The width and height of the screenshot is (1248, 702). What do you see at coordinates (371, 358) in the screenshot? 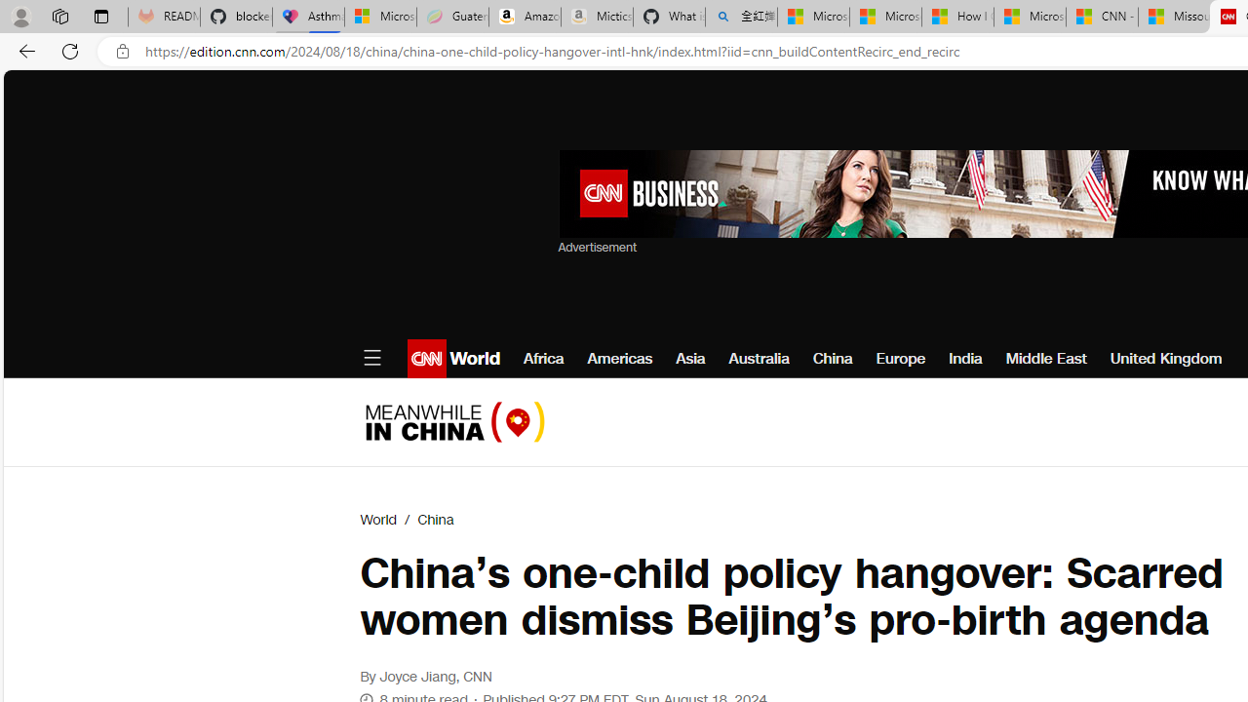
I see `'Open Menu Icon'` at bounding box center [371, 358].